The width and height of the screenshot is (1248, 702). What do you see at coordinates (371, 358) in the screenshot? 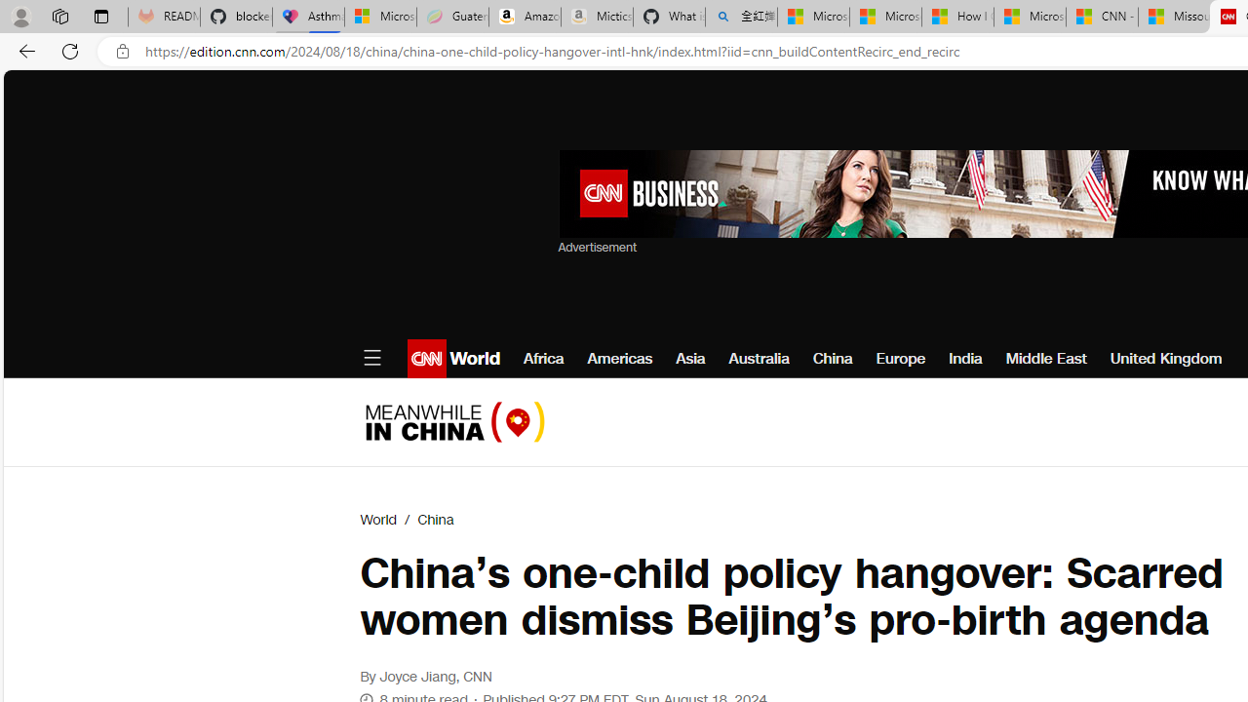
I see `'Open Menu Icon'` at bounding box center [371, 358].